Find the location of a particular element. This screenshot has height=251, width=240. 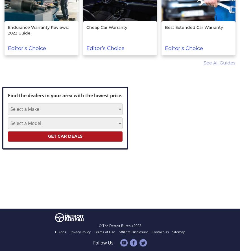

'Terms  of  Use' is located at coordinates (104, 231).